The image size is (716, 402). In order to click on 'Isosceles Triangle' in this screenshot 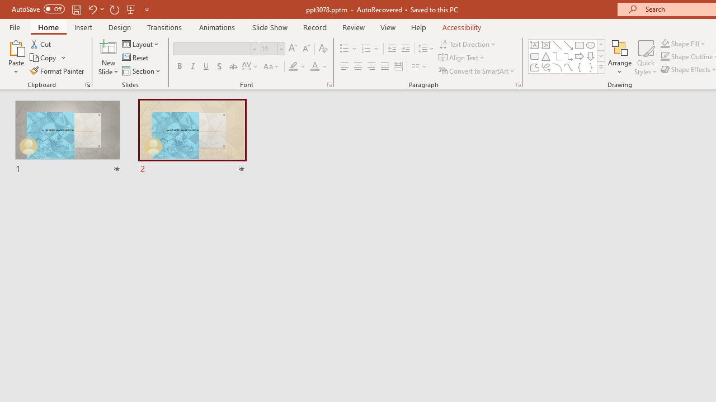, I will do `click(546, 56)`.